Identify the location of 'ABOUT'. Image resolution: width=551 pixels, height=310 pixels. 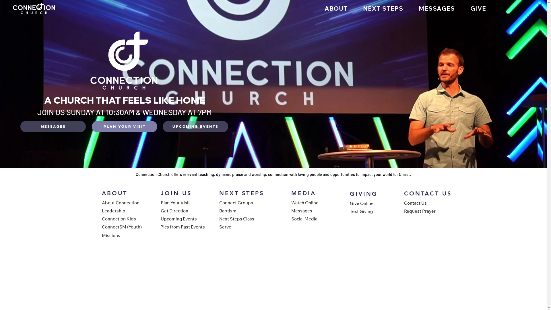
(336, 8).